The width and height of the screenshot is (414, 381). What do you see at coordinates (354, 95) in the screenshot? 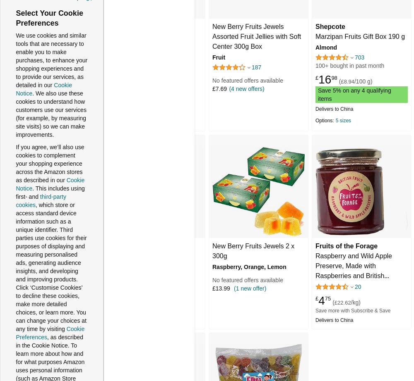
I see `'Save 5% on any 4 qualifying items'` at bounding box center [354, 95].